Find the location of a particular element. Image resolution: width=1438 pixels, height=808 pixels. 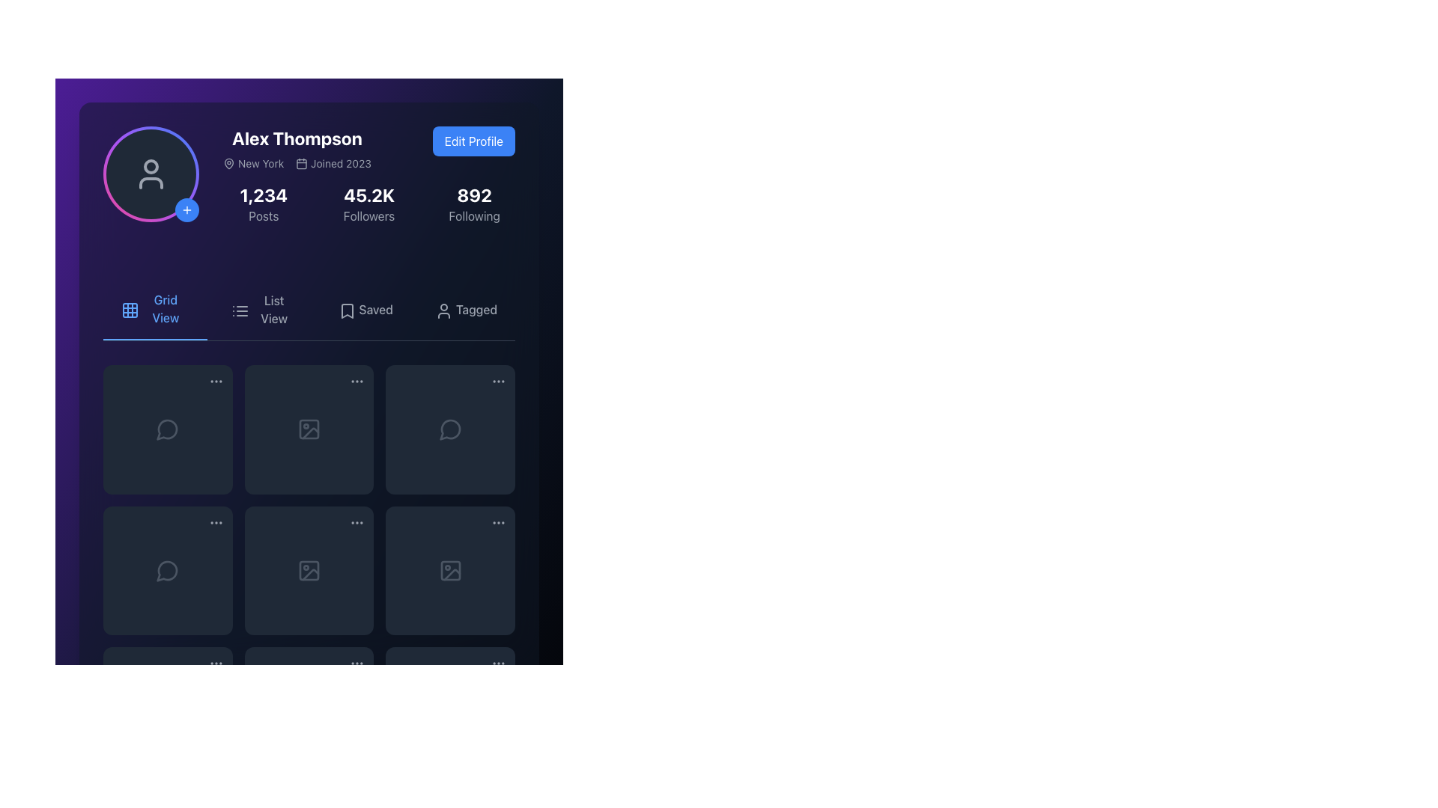

assistive technology is located at coordinates (274, 308).